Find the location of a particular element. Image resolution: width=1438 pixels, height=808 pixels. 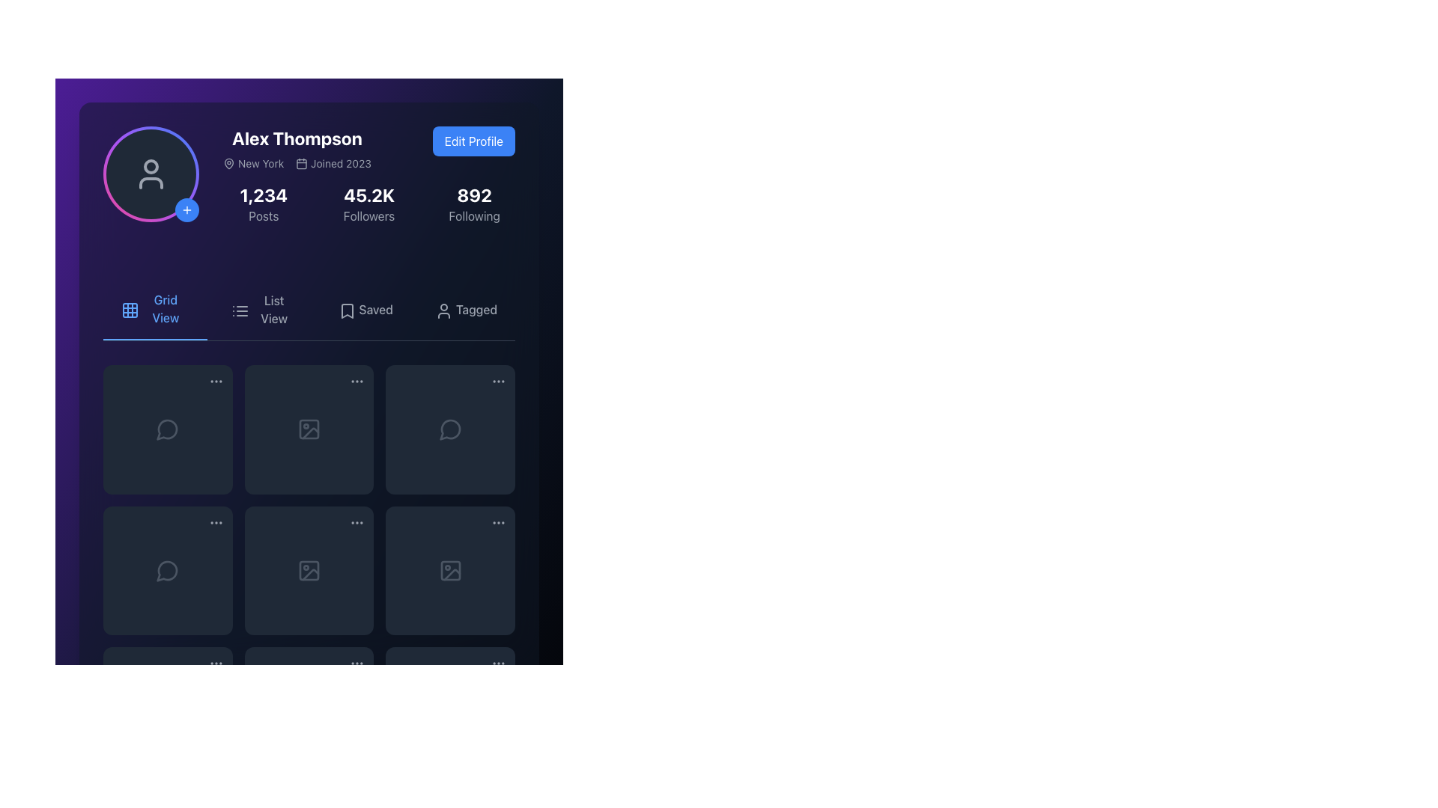

assistive technology is located at coordinates (274, 308).